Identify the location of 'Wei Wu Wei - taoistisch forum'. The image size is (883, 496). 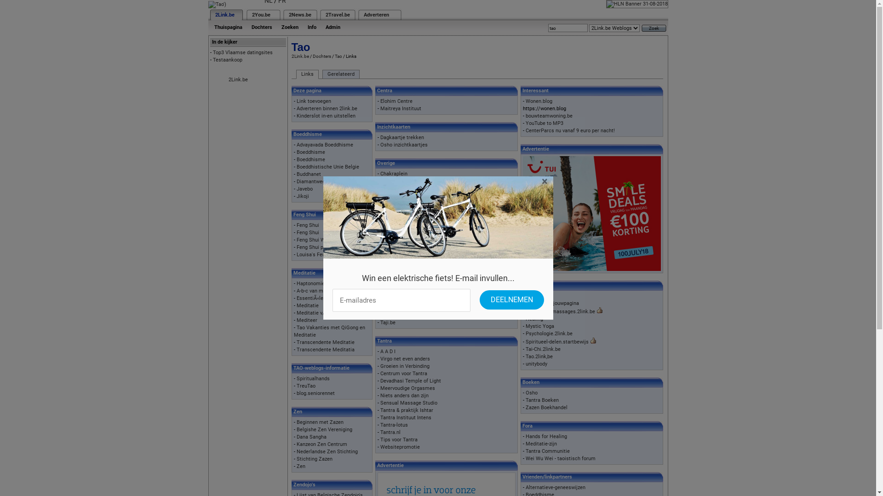
(560, 458).